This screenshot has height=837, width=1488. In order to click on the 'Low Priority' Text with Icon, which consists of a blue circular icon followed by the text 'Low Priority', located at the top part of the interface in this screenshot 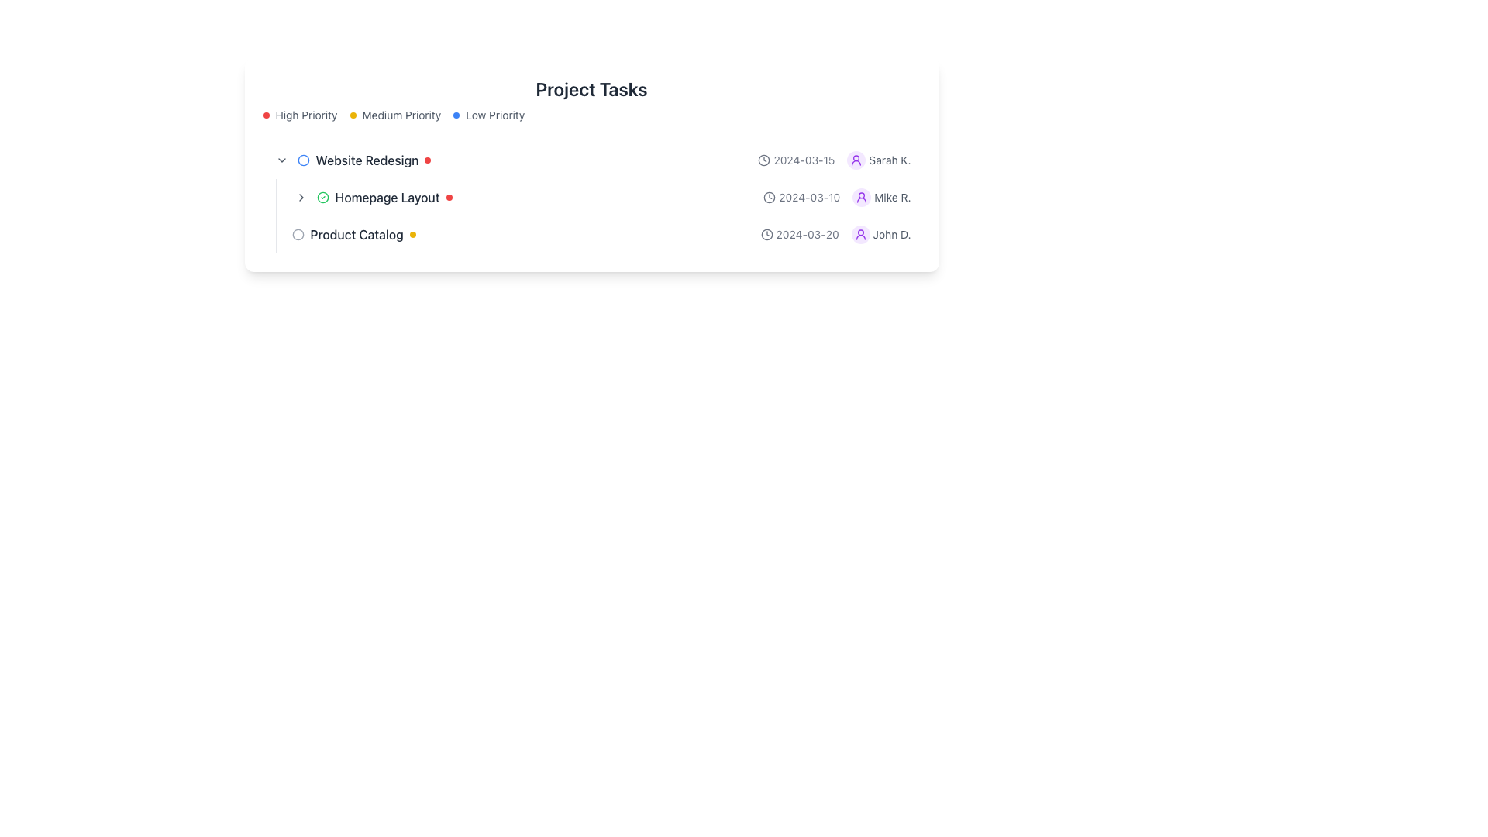, I will do `click(488, 115)`.